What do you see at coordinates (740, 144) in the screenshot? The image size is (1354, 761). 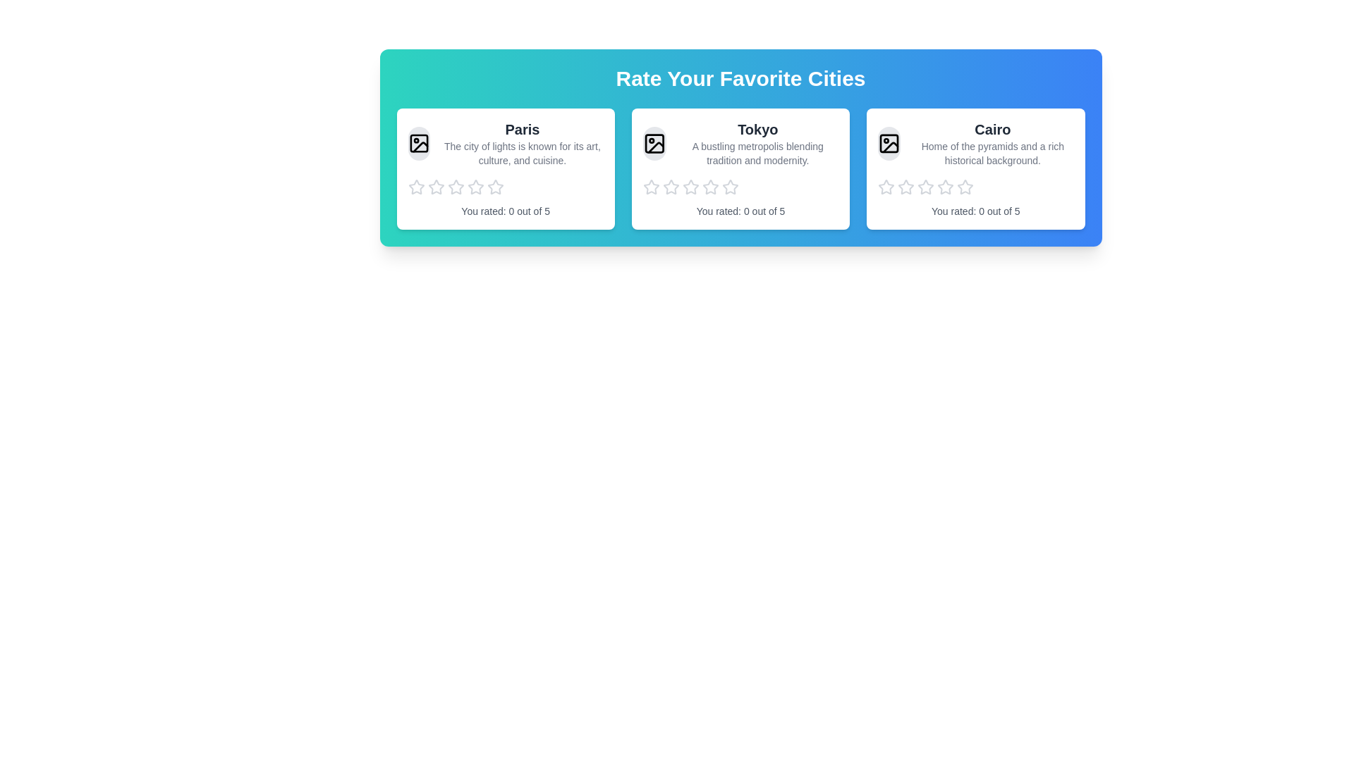 I see `the textual information display for the city 'Tokyo', which includes a bold title and a descriptive phrase, positioned in the middle card of a three-card horizontal layout` at bounding box center [740, 144].